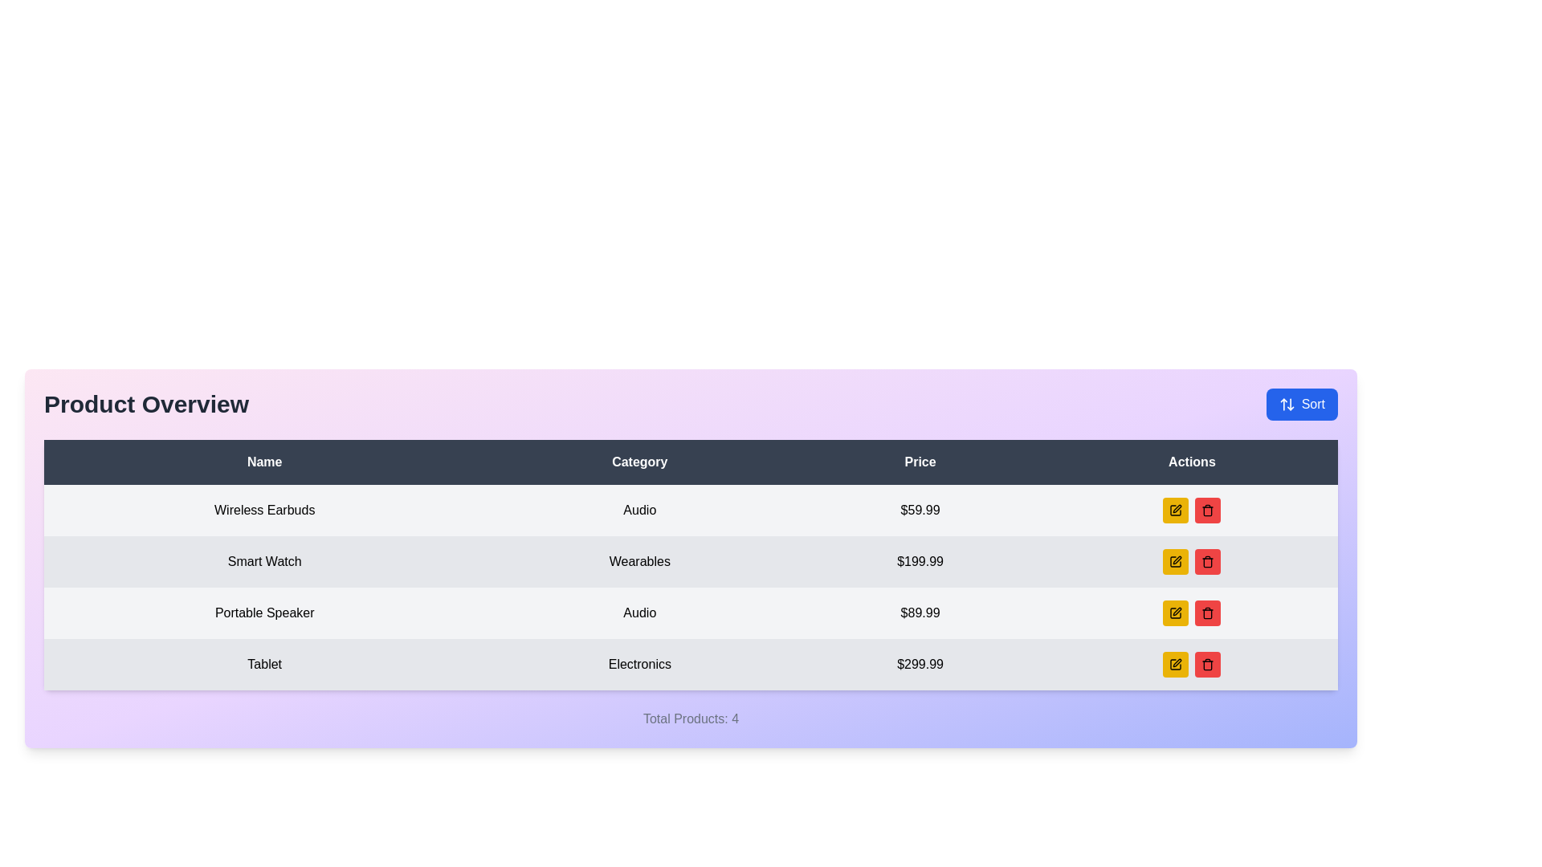 This screenshot has width=1542, height=867. Describe the element at coordinates (691, 718) in the screenshot. I see `text from the 'Total Products: 4' text label element, which is center-aligned and positioned at the bottom of the product overview panel` at that location.